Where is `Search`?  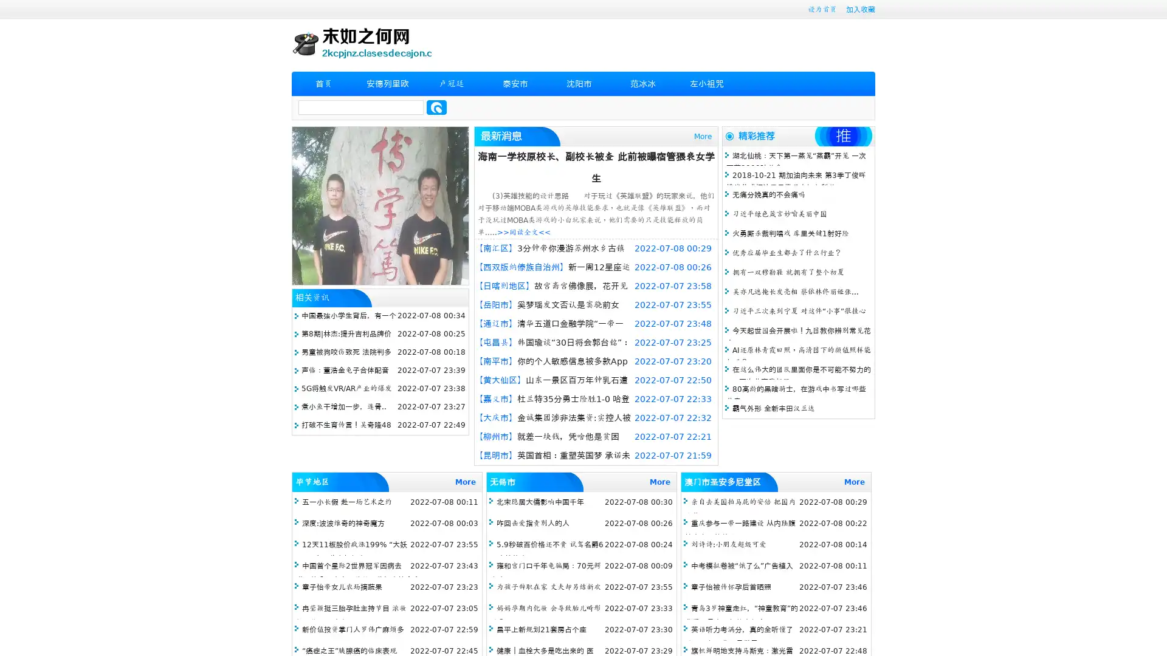
Search is located at coordinates (436, 107).